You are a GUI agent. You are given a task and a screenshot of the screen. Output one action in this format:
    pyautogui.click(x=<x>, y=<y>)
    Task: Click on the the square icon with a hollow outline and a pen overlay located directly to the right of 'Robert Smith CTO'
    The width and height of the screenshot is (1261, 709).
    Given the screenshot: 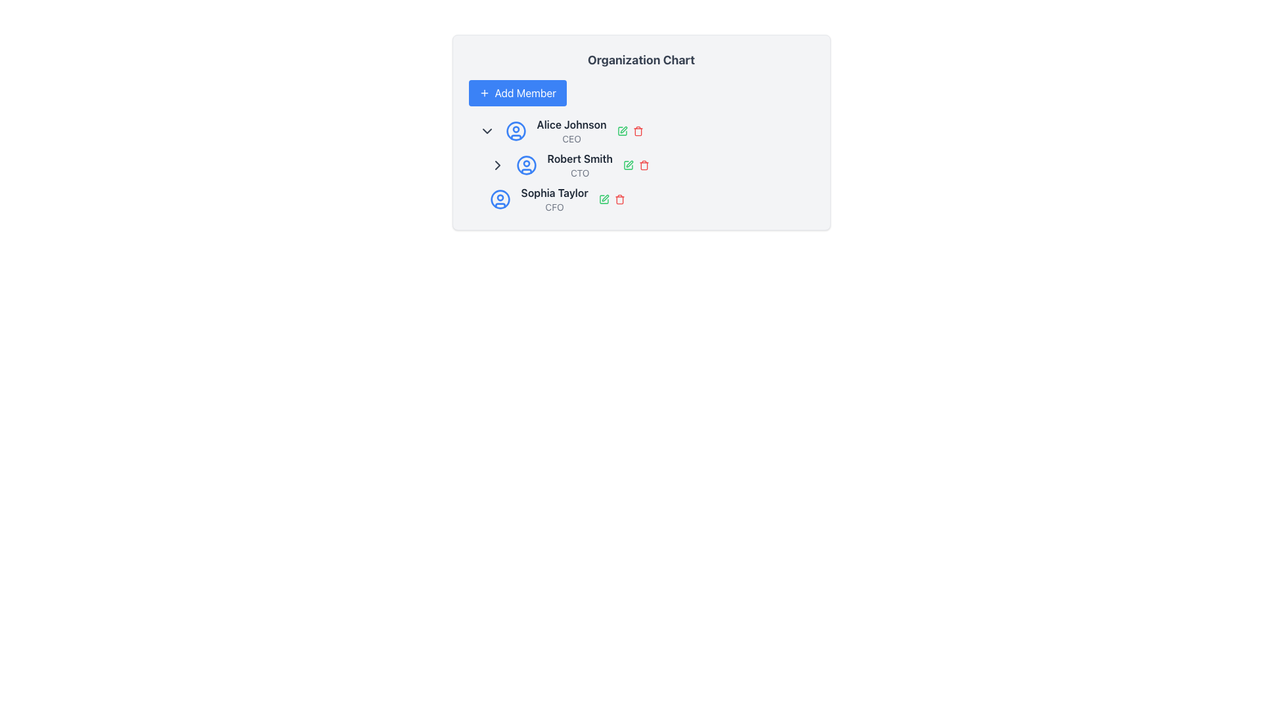 What is the action you would take?
    pyautogui.click(x=621, y=131)
    